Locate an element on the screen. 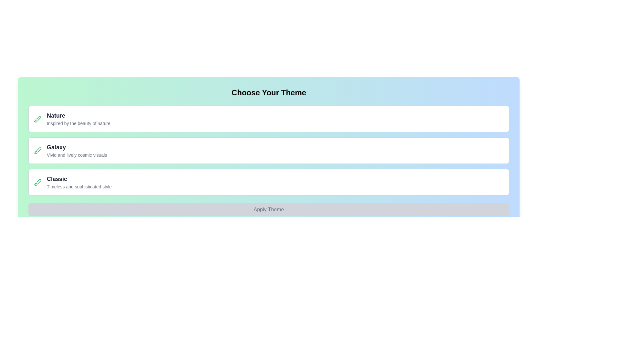 This screenshot has width=620, height=349. the 'Nature' themed icon, represented by a brush, located at the far-left of the card labeled 'Nature Inspired by the beauty of nature' is located at coordinates (37, 119).